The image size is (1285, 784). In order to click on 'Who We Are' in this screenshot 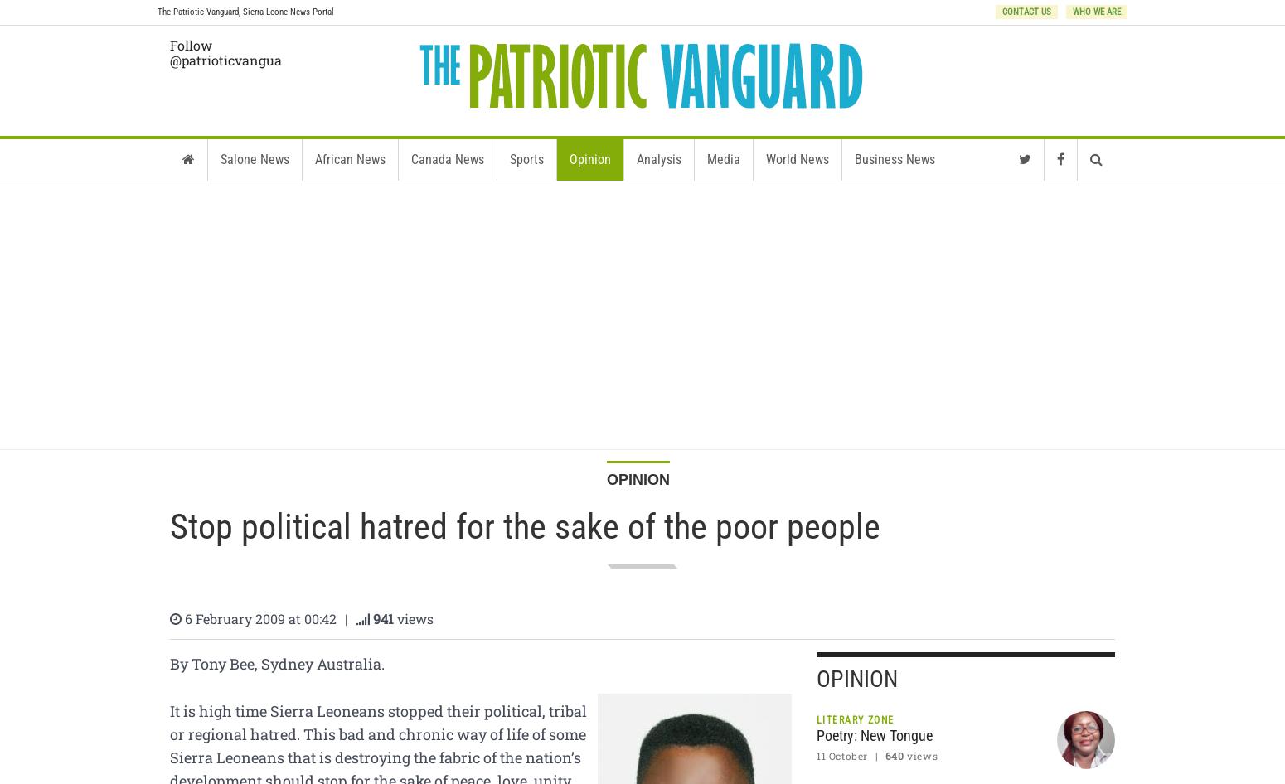, I will do `click(1071, 12)`.